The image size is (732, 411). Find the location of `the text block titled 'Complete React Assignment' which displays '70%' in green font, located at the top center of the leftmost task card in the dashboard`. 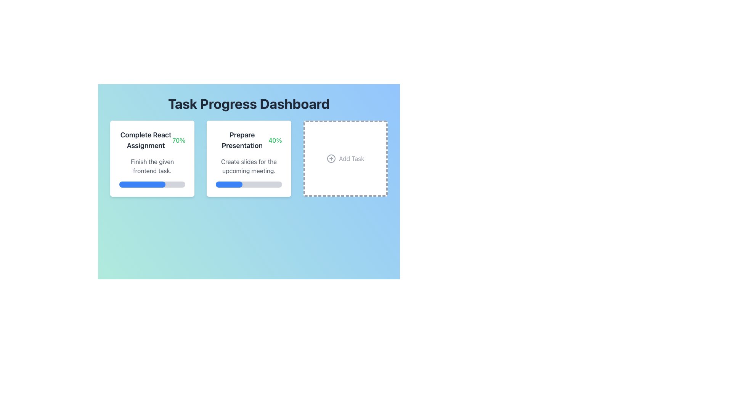

the text block titled 'Complete React Assignment' which displays '70%' in green font, located at the top center of the leftmost task card in the dashboard is located at coordinates (152, 140).